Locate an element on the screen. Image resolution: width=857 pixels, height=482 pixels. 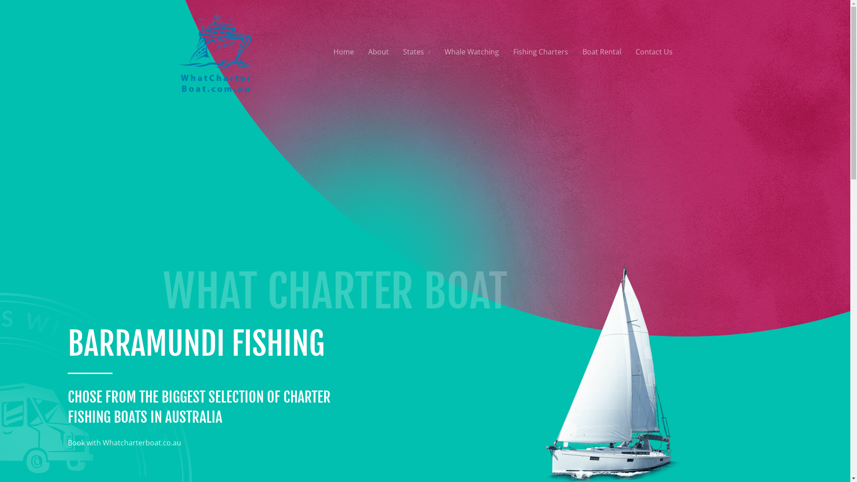
'Whale Watching' is located at coordinates (437, 51).